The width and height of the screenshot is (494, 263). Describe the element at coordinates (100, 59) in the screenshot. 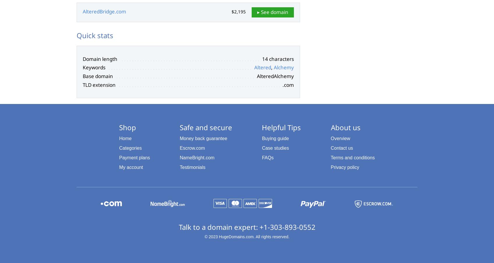

I see `'Domain length'` at that location.